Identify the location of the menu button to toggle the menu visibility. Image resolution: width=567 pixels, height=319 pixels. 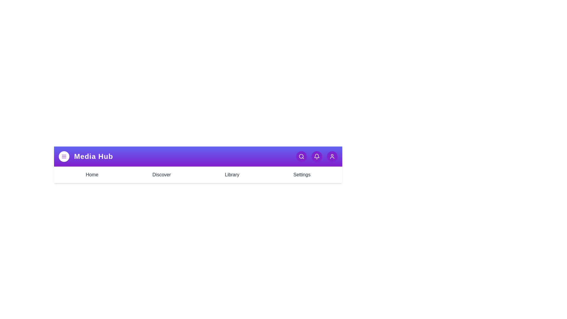
(64, 156).